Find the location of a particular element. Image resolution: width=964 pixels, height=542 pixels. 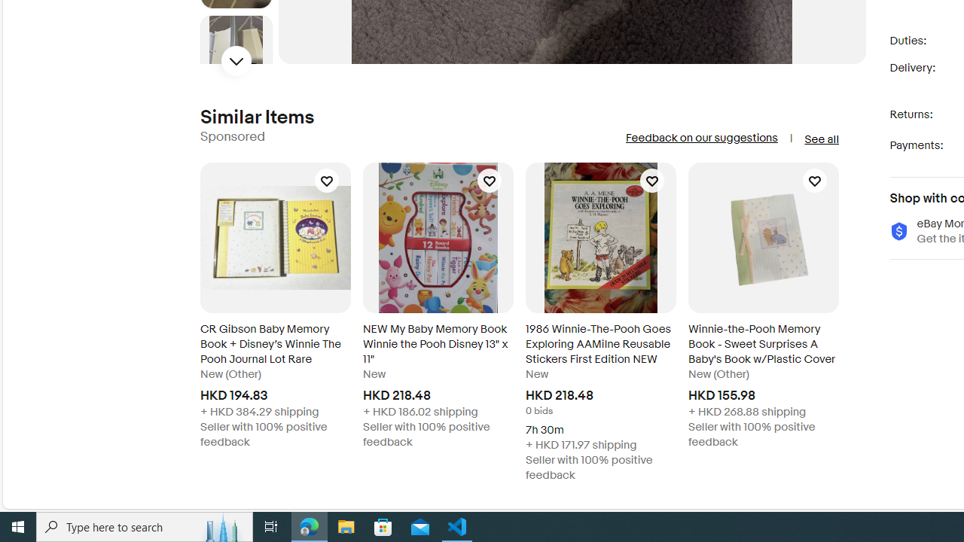

'Next image - Item images thumbnails' is located at coordinates (235, 60).